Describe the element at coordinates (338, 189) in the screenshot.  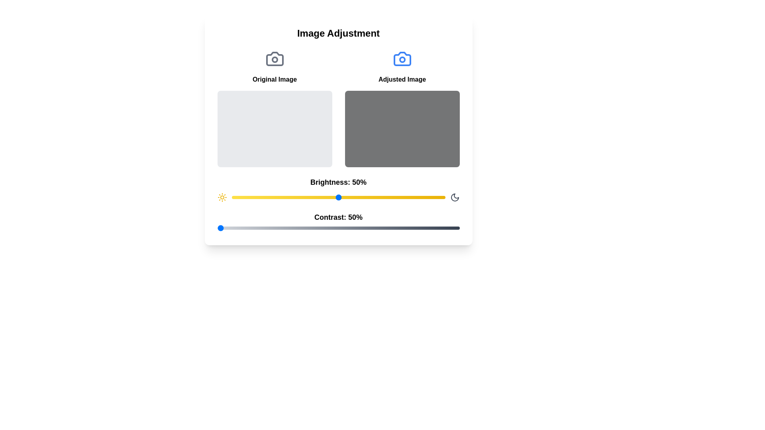
I see `the brightness slider component labeled 'Brightness: 50%' which features a yellow linear gradient and is positioned centrally in the image adjustments section` at that location.